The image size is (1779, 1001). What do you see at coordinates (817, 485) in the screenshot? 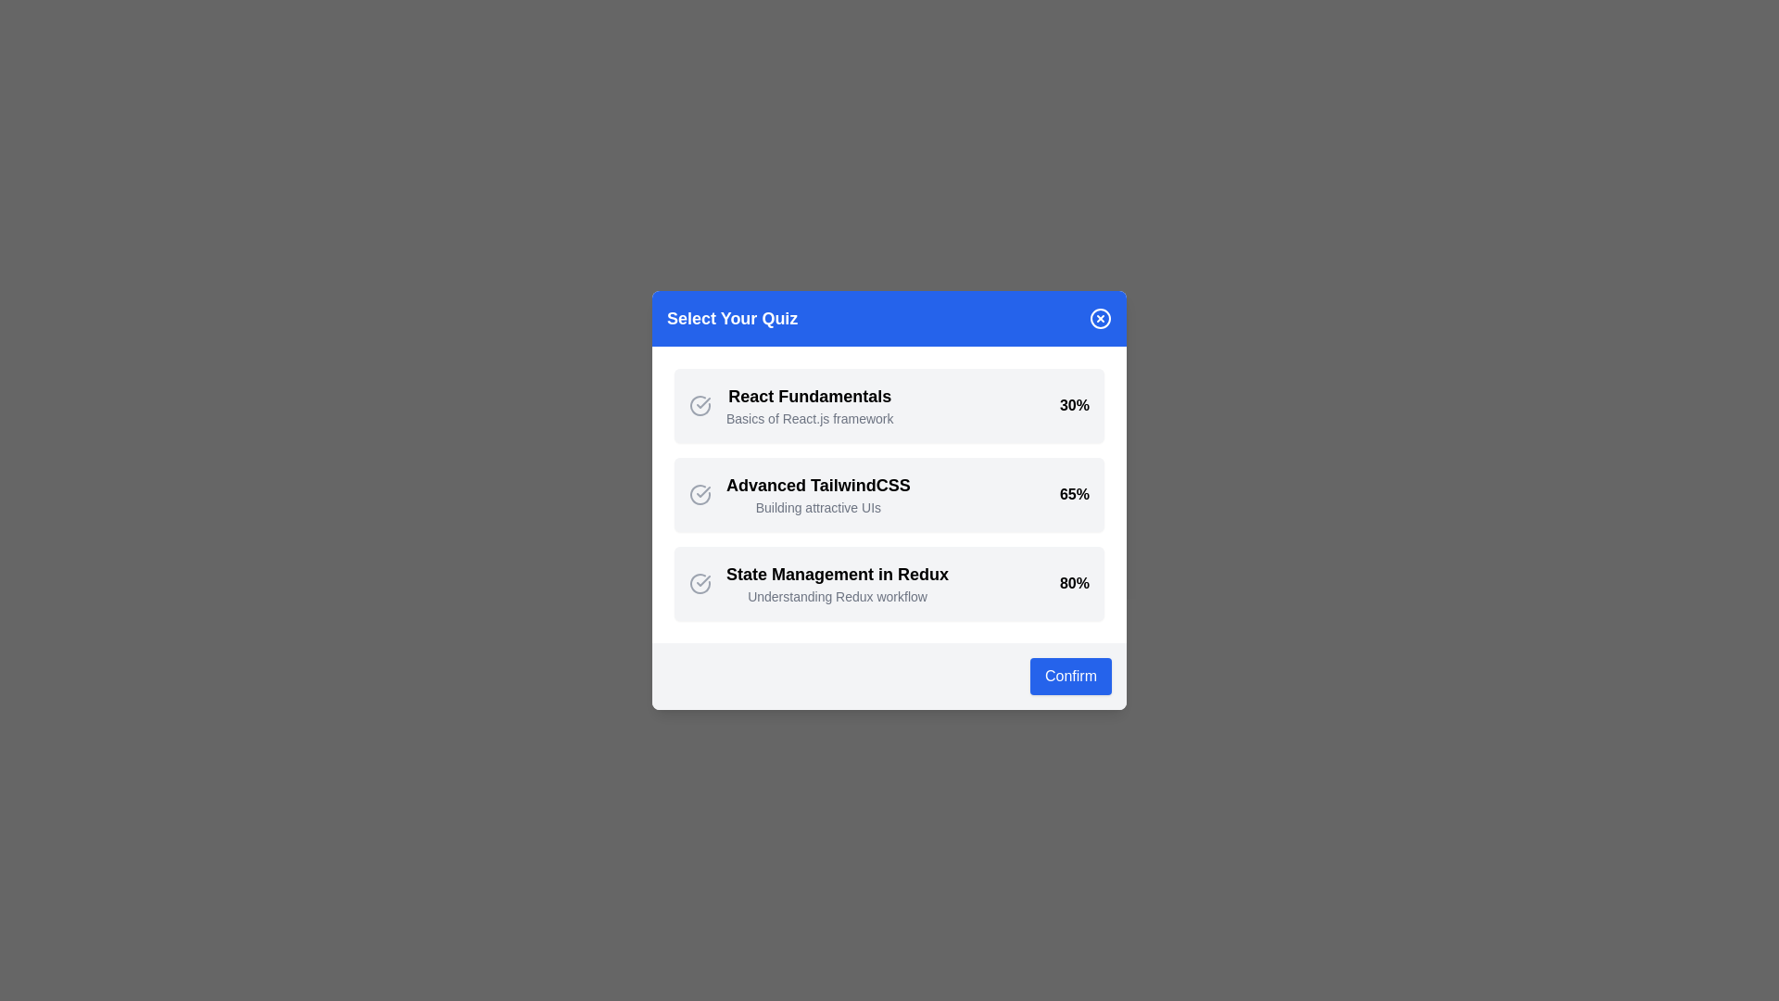
I see `the details of the quiz titled Advanced TailwindCSS` at bounding box center [817, 485].